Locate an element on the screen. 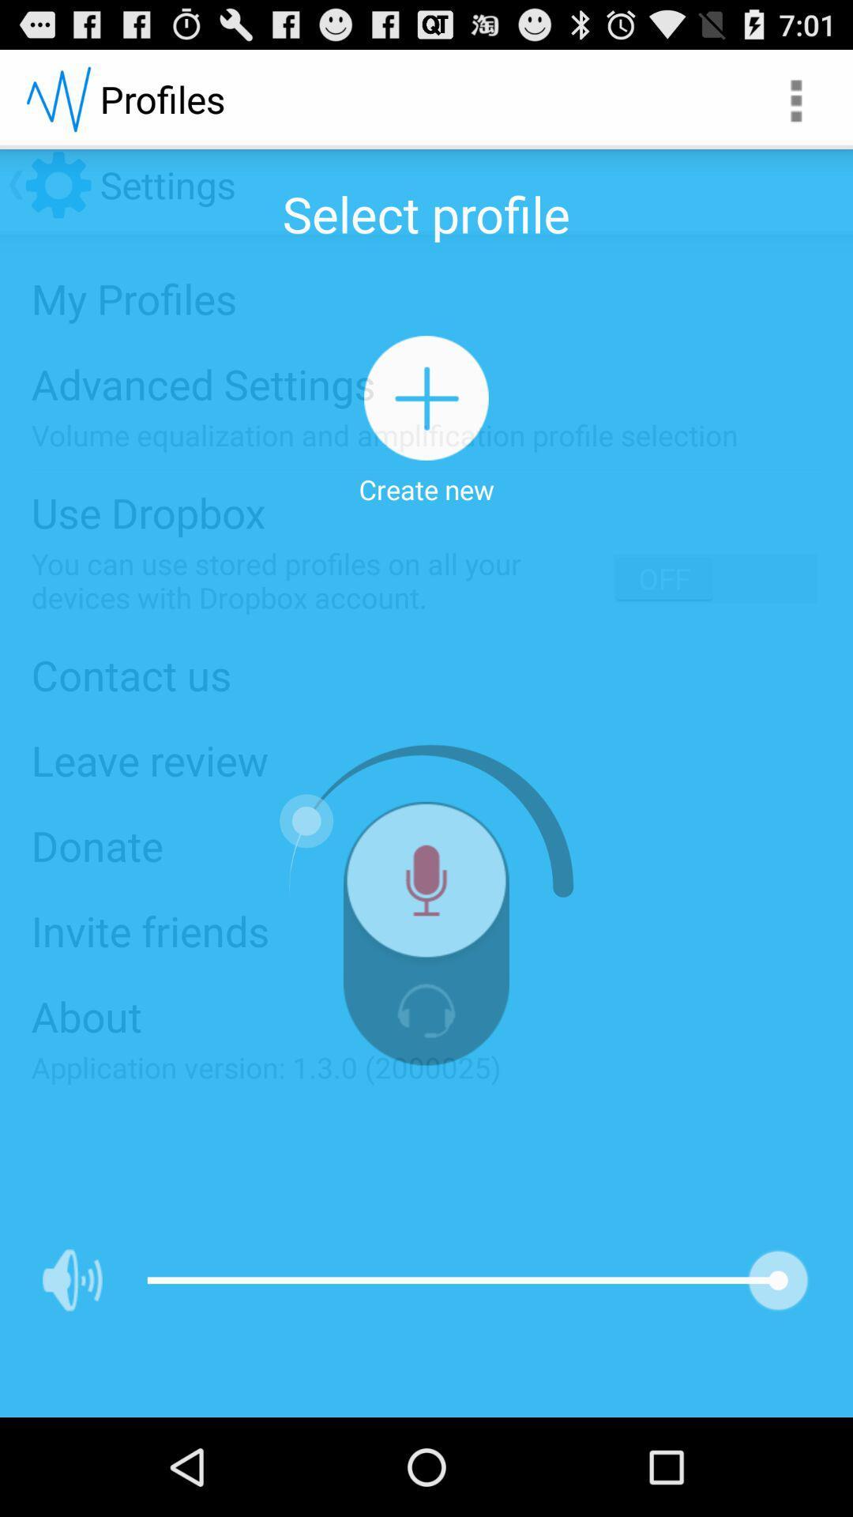 The width and height of the screenshot is (853, 1517). volume is located at coordinates (73, 1280).